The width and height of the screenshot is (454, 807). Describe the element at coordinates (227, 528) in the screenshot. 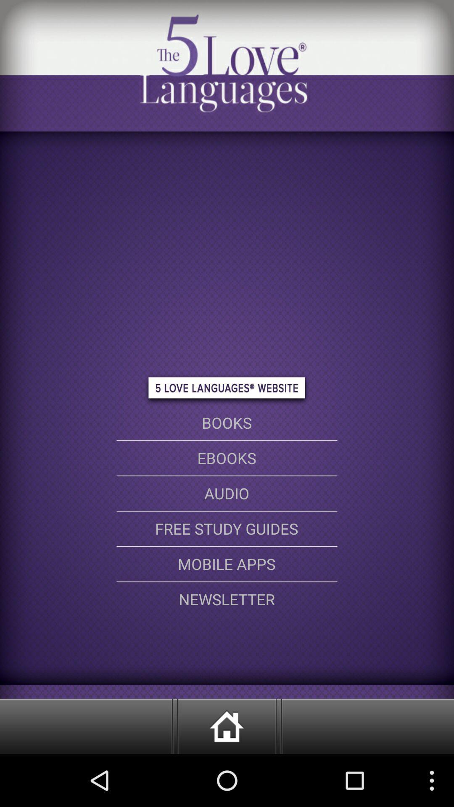

I see `the option which is in between audio and mobile apps` at that location.